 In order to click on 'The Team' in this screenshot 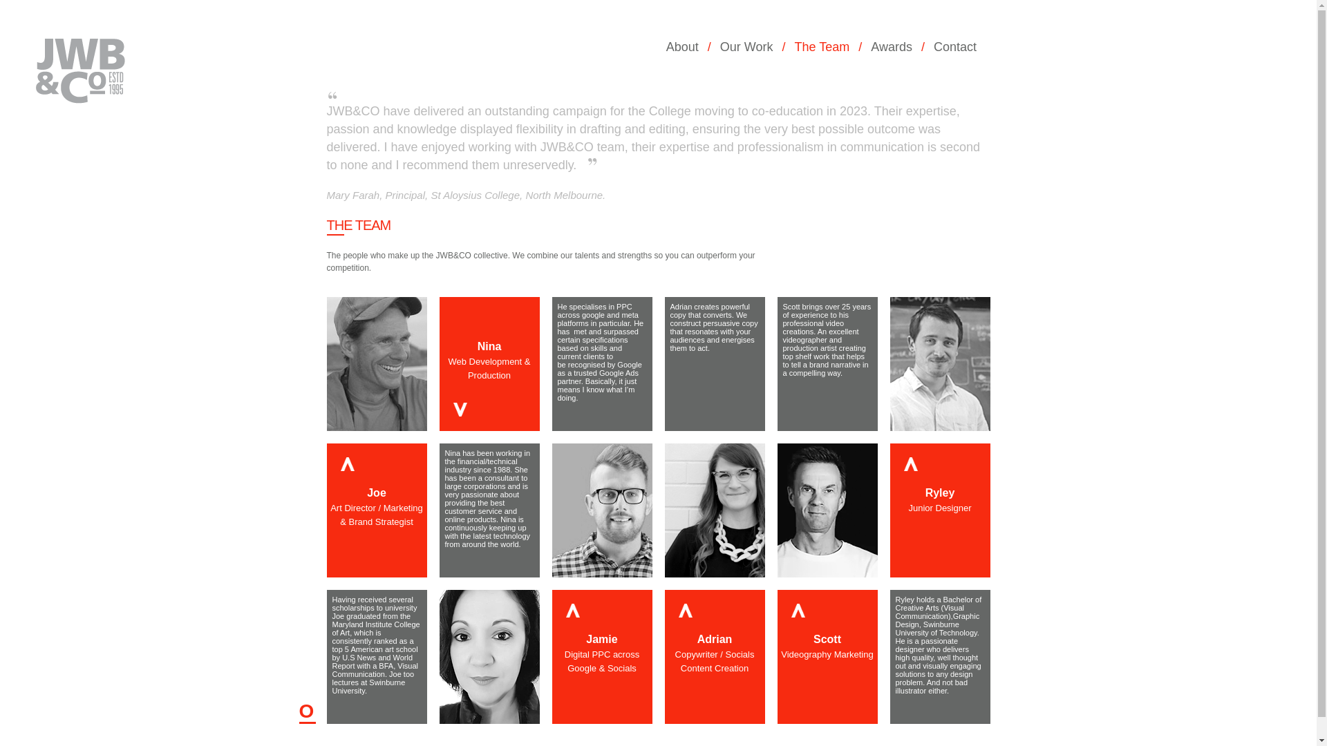, I will do `click(795, 46)`.